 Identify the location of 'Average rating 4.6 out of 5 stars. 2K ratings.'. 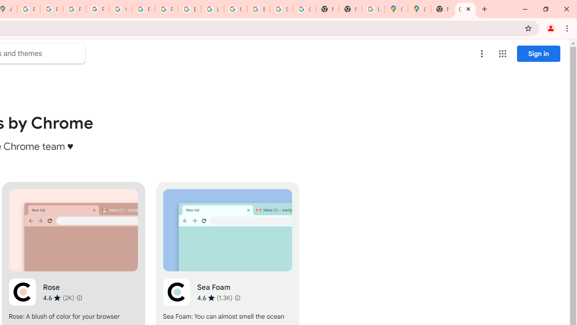
(58, 297).